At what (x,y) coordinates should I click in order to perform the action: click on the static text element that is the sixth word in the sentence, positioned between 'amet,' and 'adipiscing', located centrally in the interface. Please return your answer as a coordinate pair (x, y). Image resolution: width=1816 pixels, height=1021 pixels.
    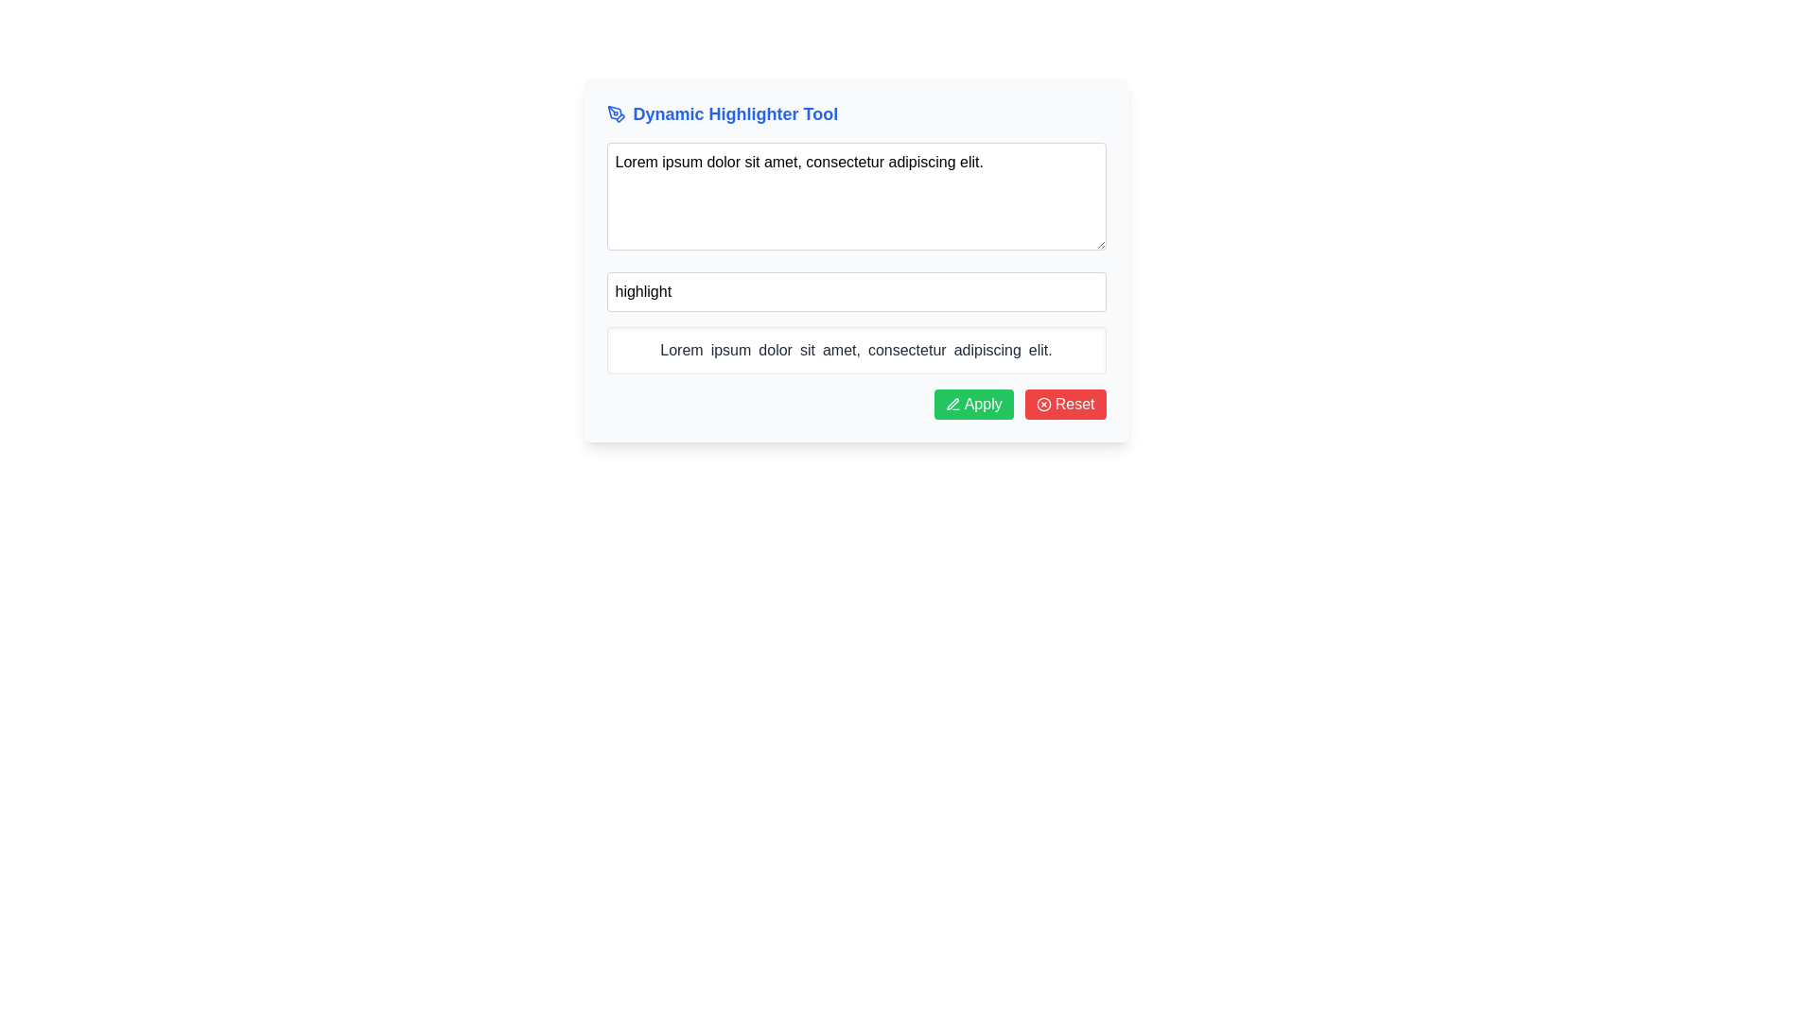
    Looking at the image, I should click on (906, 350).